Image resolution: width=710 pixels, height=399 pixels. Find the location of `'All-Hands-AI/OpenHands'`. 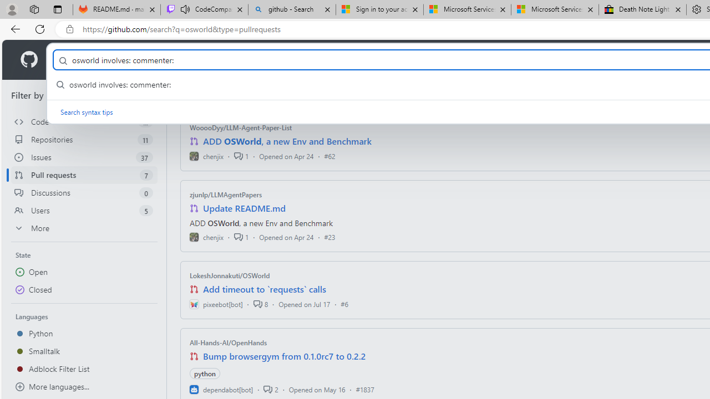

'All-Hands-AI/OpenHands' is located at coordinates (228, 342).